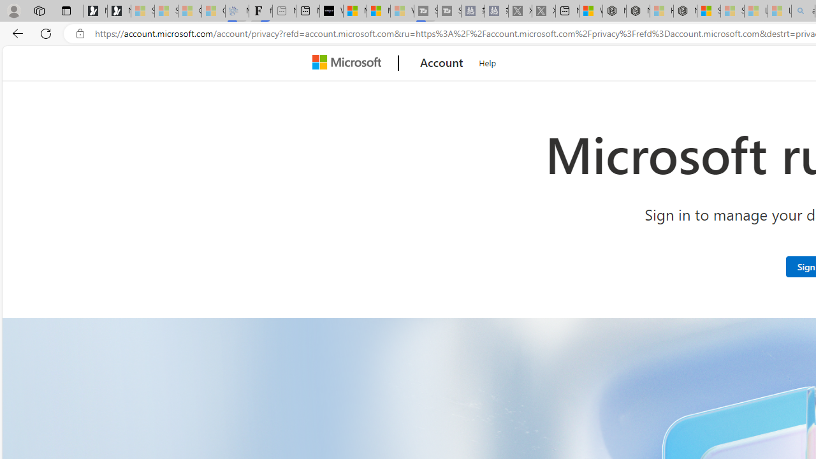 The width and height of the screenshot is (816, 459). I want to click on 'Back', so click(15, 33).